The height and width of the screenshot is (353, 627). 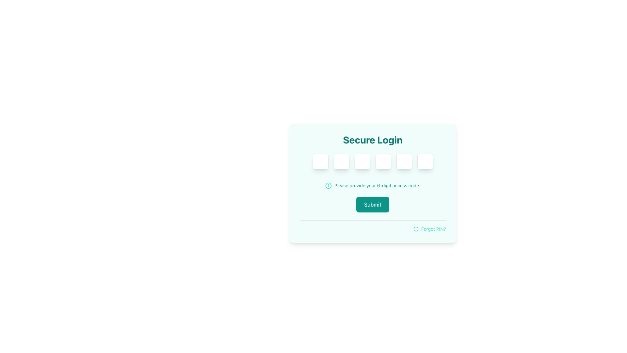 I want to click on the small circular teal icon with a centered exclamation mark, which indicates an alert or warning, located to the left of the 'Forgot PIN?' text in the bottom right corner of the login form, so click(x=415, y=229).